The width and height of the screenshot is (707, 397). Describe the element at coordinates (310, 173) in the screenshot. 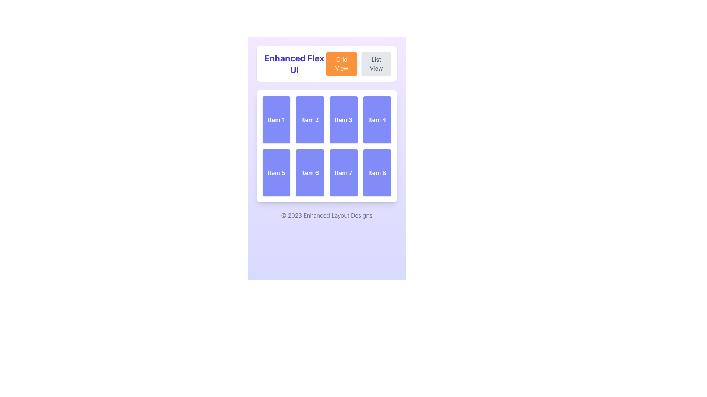

I see `the Static Label or Grid Item that serves as a label for 'Item 6', which is located in the second row and second column of the grid layout` at that location.